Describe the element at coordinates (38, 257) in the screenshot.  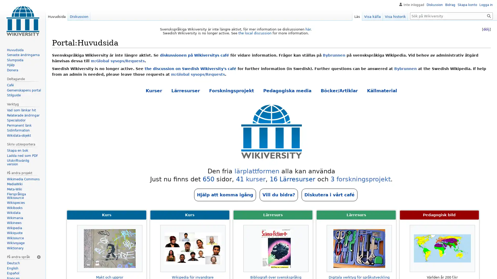
I see `Sprakinstallningar` at that location.